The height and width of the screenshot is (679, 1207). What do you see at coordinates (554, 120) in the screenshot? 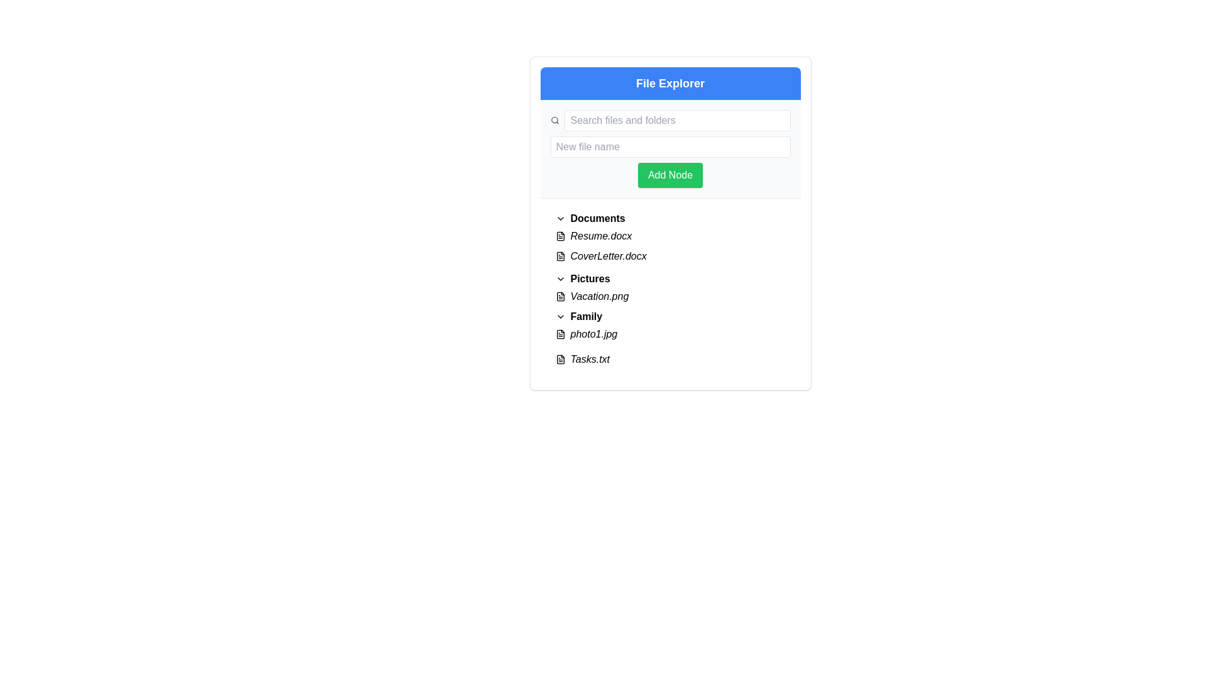
I see `the circular icon component within the SVG search icon located at the top of the interface, next to the 'Search files and folders' input box` at bounding box center [554, 120].